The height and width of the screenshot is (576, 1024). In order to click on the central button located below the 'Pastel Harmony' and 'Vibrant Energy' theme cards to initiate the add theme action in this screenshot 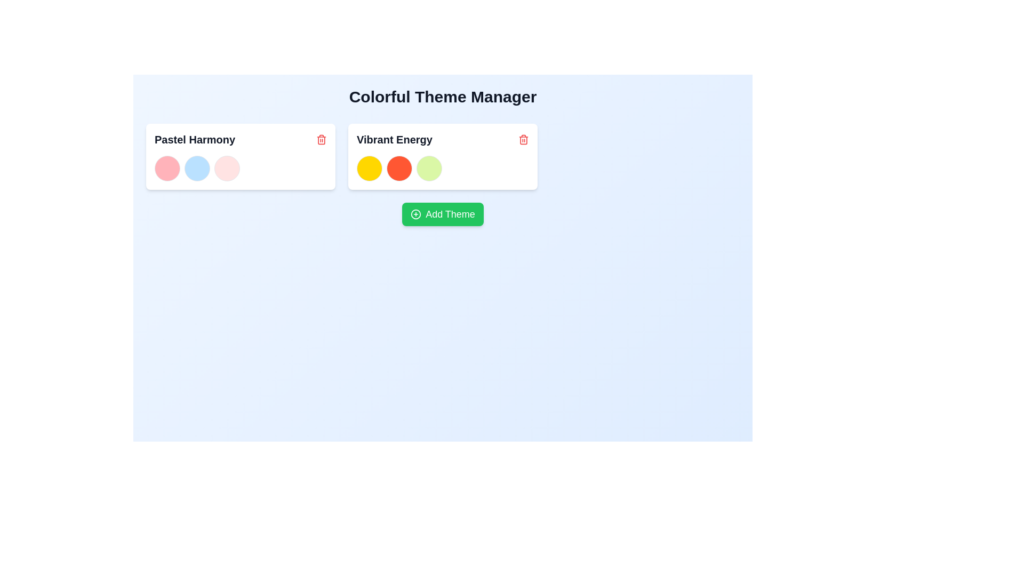, I will do `click(443, 214)`.